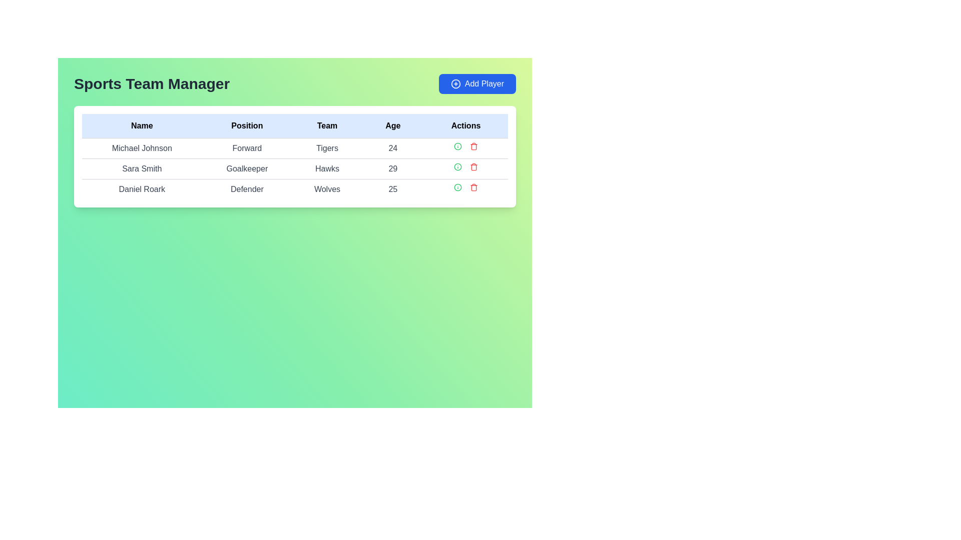  Describe the element at coordinates (247, 189) in the screenshot. I see `text label indicating the position 'Defender' associated with the team member 'Daniel Roark', located in the second column of the third row of the table under the 'Position' header` at that location.